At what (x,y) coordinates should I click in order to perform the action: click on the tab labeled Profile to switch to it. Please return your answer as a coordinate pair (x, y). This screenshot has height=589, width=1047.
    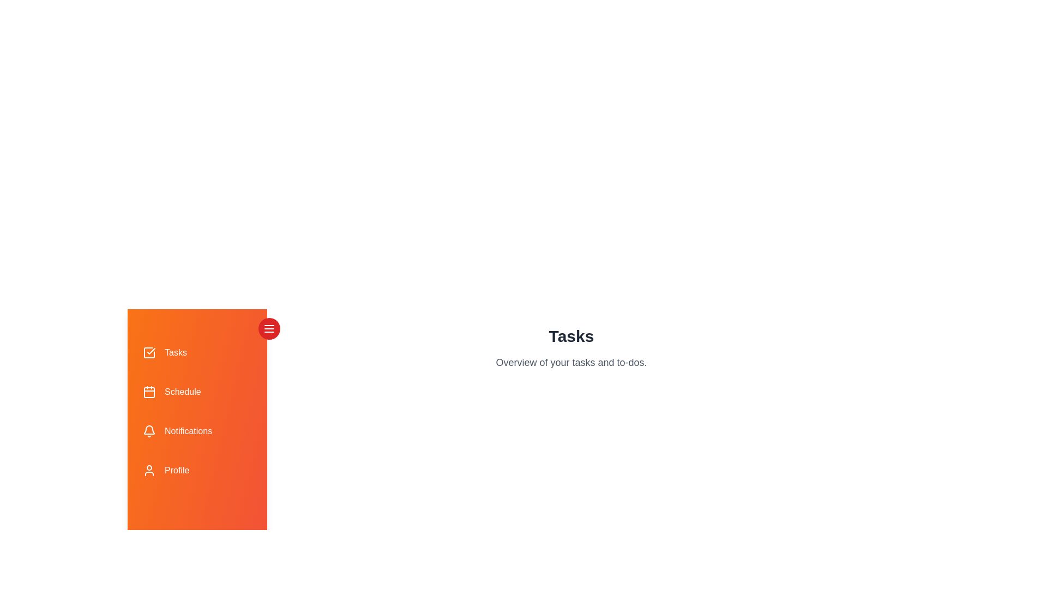
    Looking at the image, I should click on (197, 470).